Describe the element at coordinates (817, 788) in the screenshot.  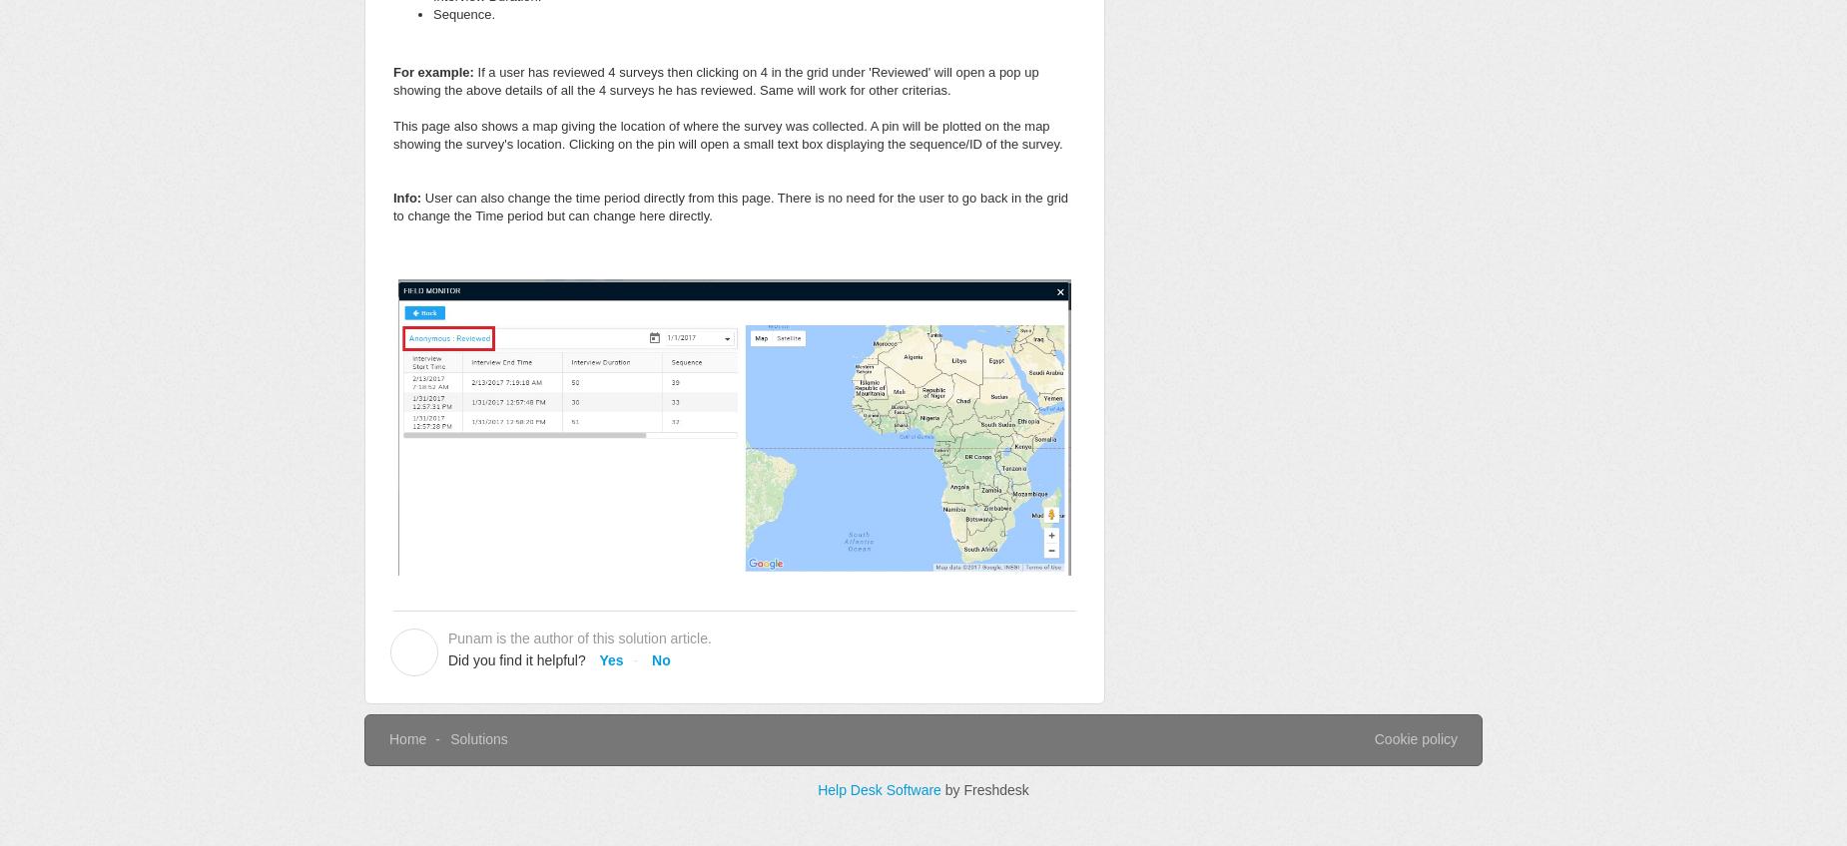
I see `'Help Desk Software'` at that location.